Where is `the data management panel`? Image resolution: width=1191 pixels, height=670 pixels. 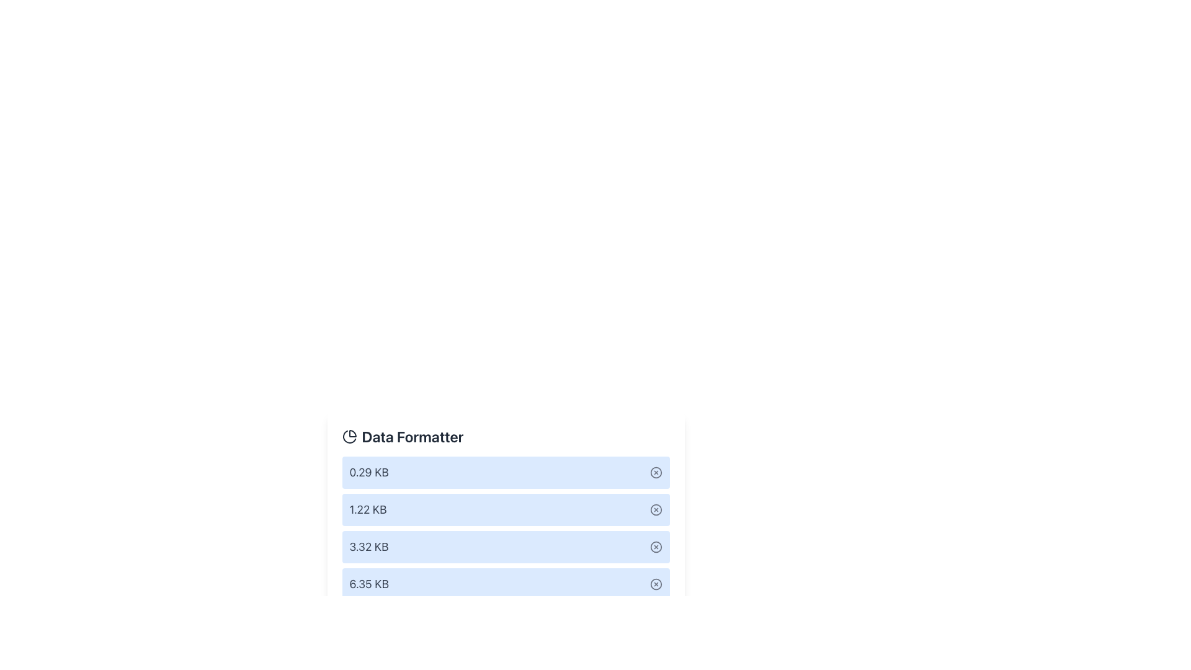
the data management panel is located at coordinates (506, 530).